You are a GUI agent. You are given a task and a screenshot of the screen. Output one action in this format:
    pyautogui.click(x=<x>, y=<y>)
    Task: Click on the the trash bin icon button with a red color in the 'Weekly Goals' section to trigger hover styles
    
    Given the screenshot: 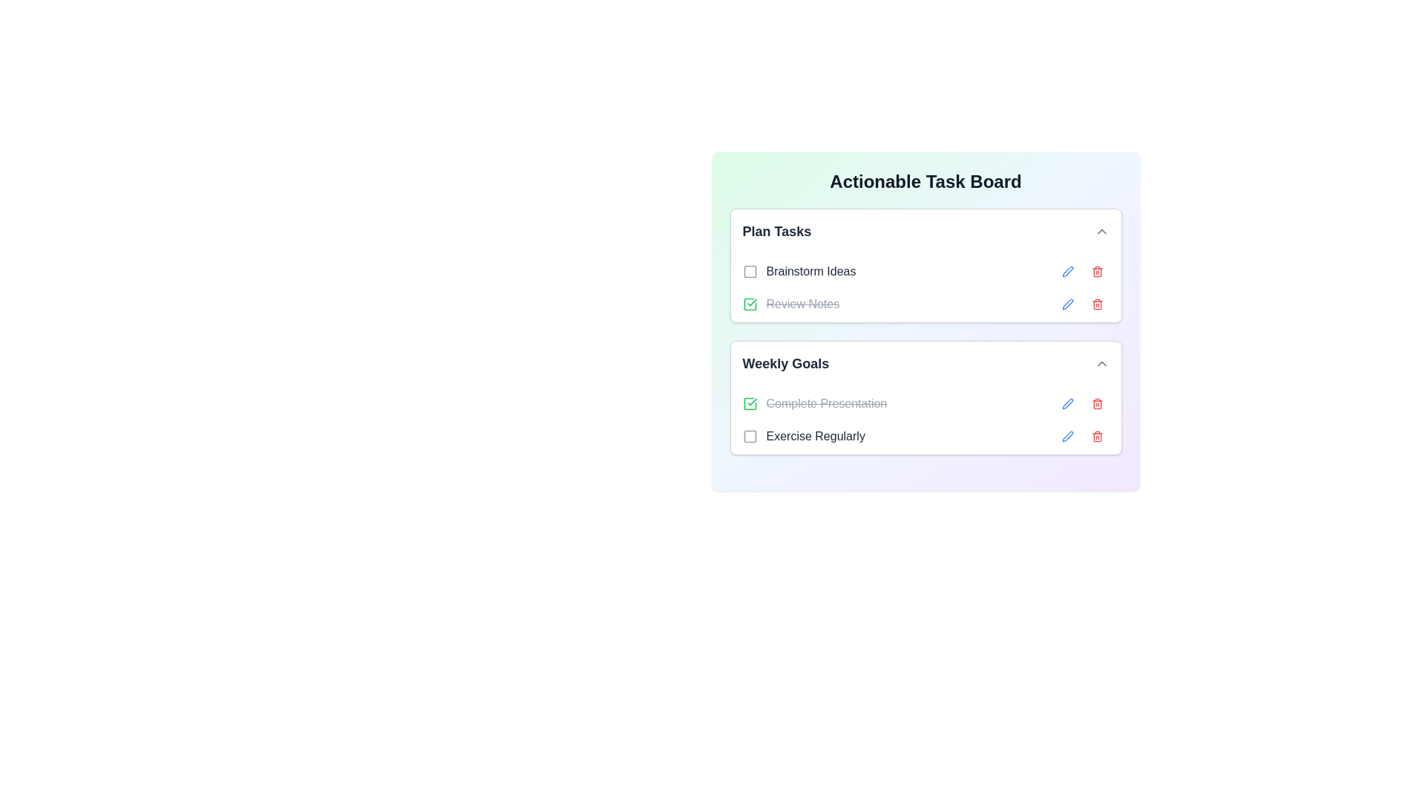 What is the action you would take?
    pyautogui.click(x=1097, y=435)
    